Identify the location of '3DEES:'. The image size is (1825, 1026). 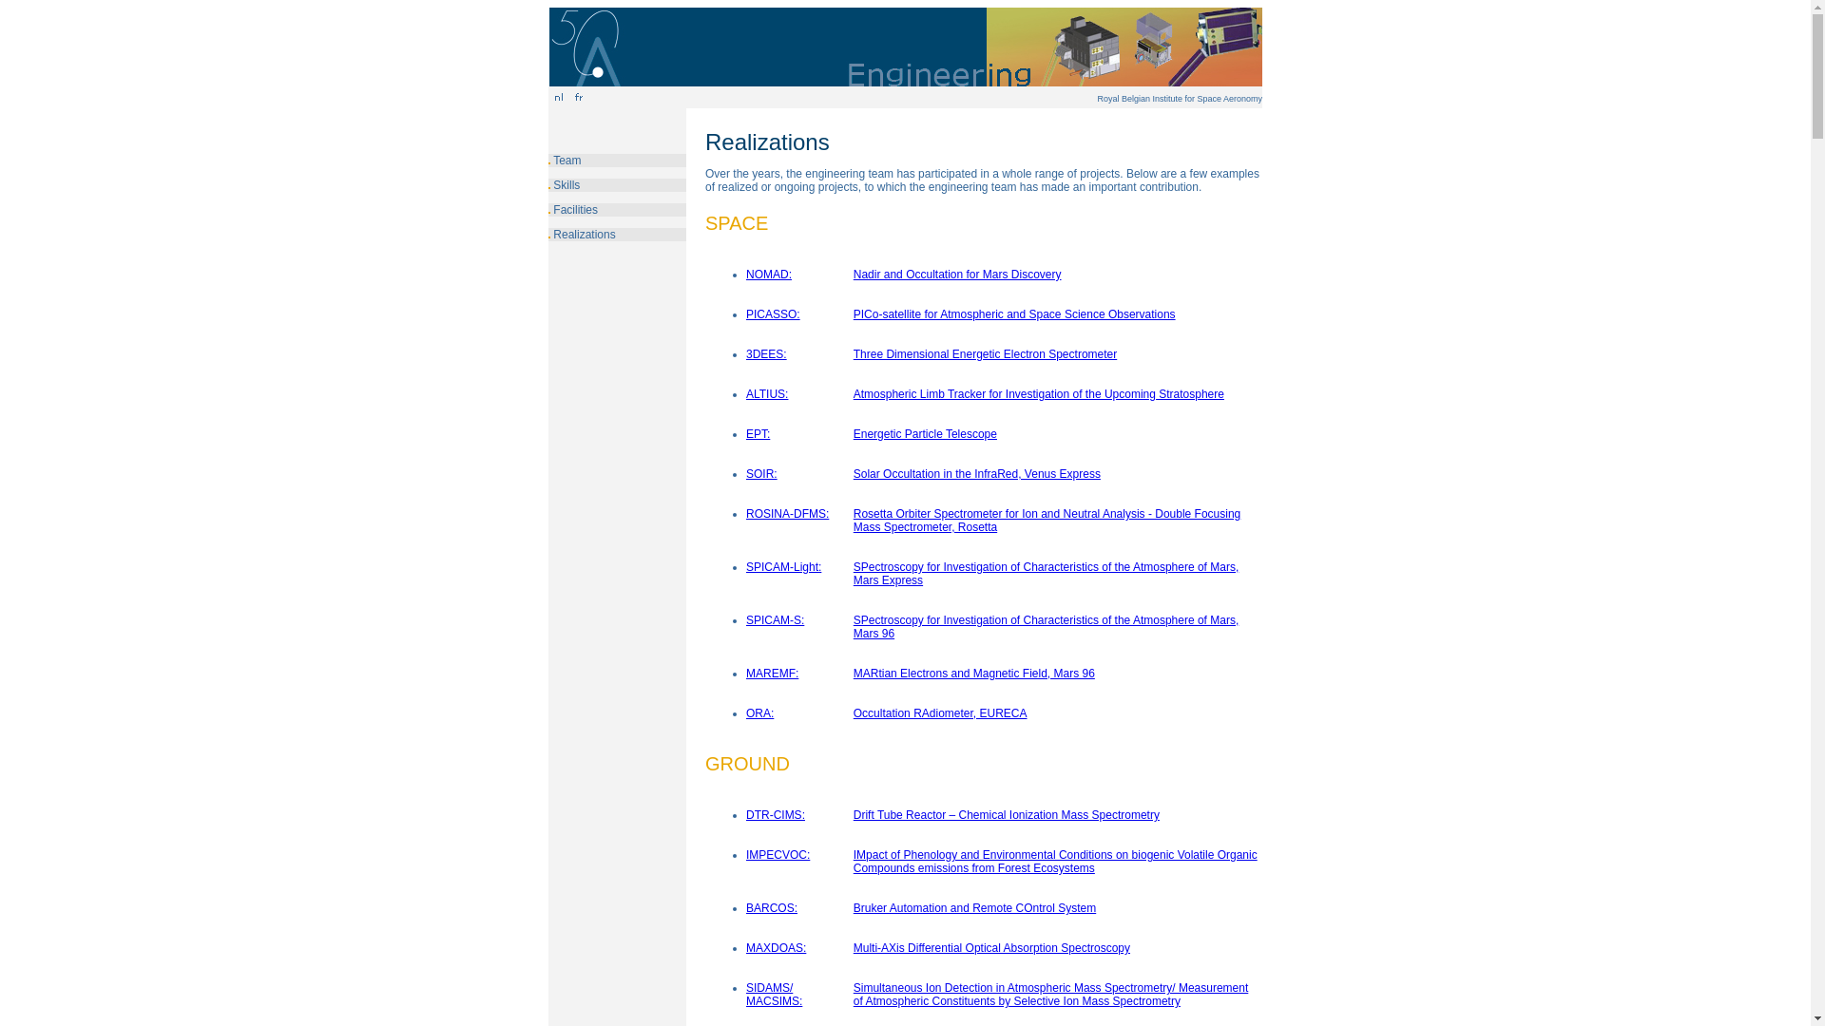
(766, 354).